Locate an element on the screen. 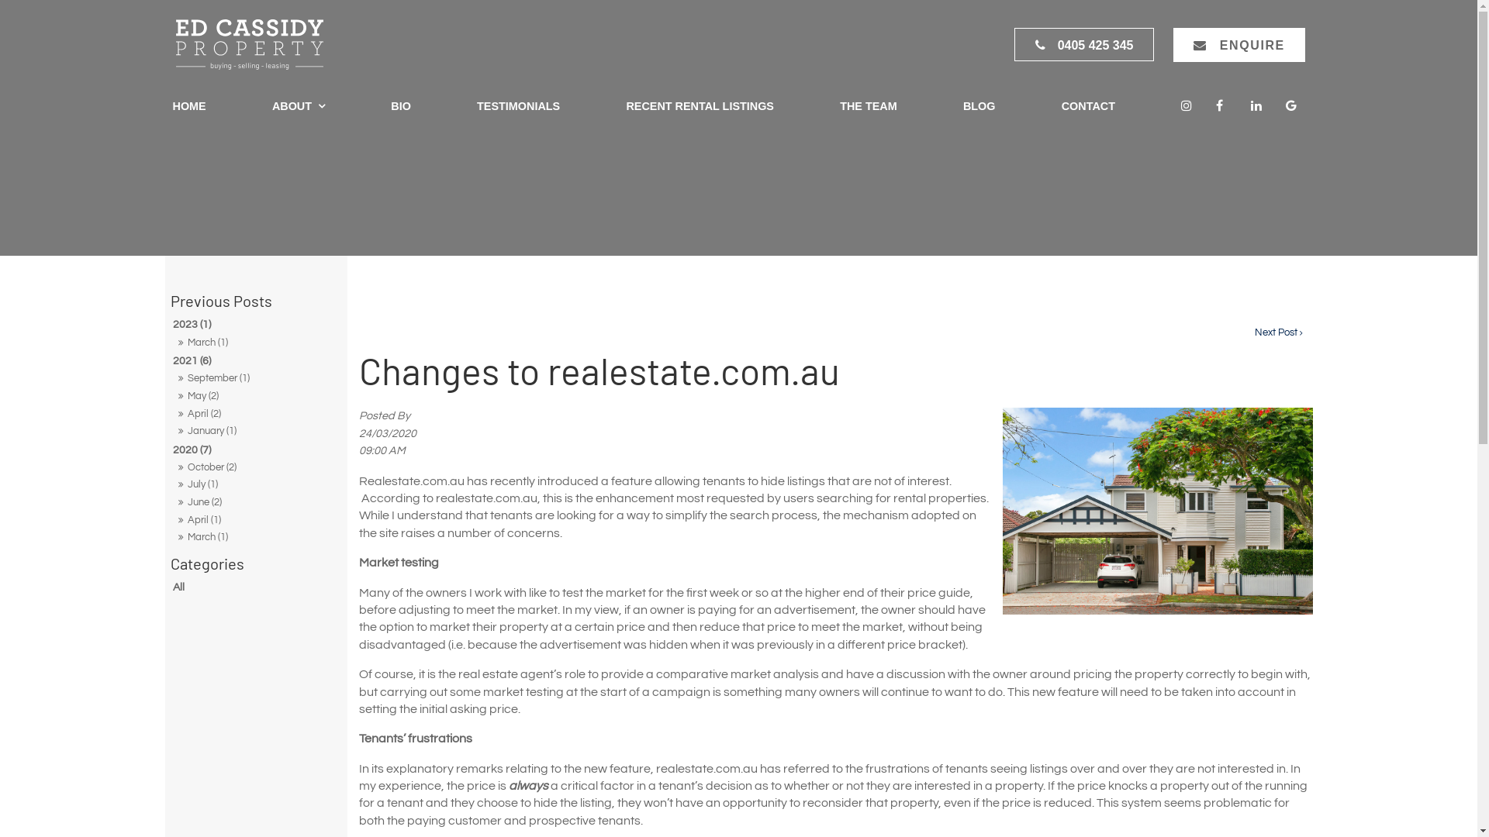 This screenshot has width=1489, height=837. 'September (1)' is located at coordinates (256, 379).